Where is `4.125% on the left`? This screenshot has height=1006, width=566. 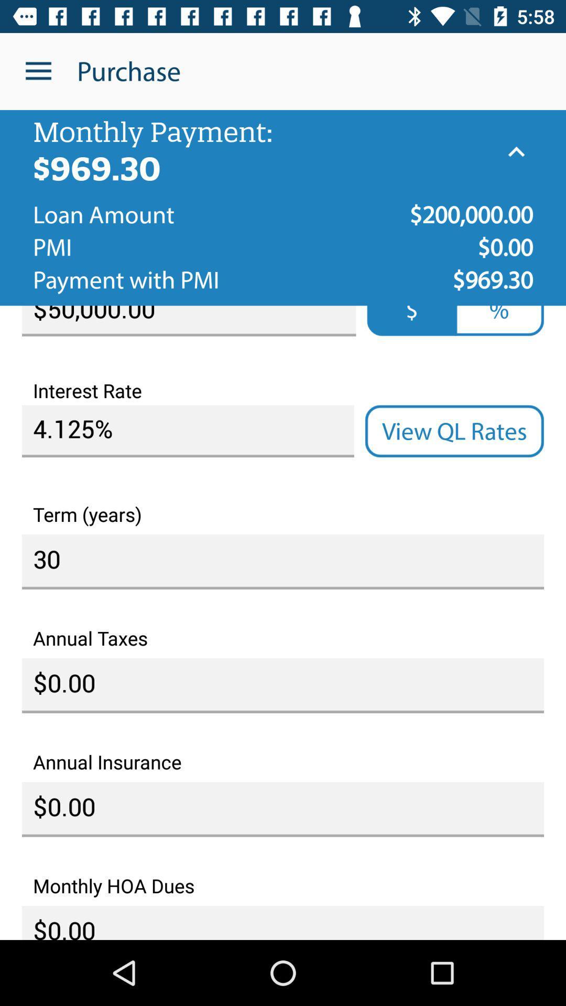 4.125% on the left is located at coordinates (187, 431).